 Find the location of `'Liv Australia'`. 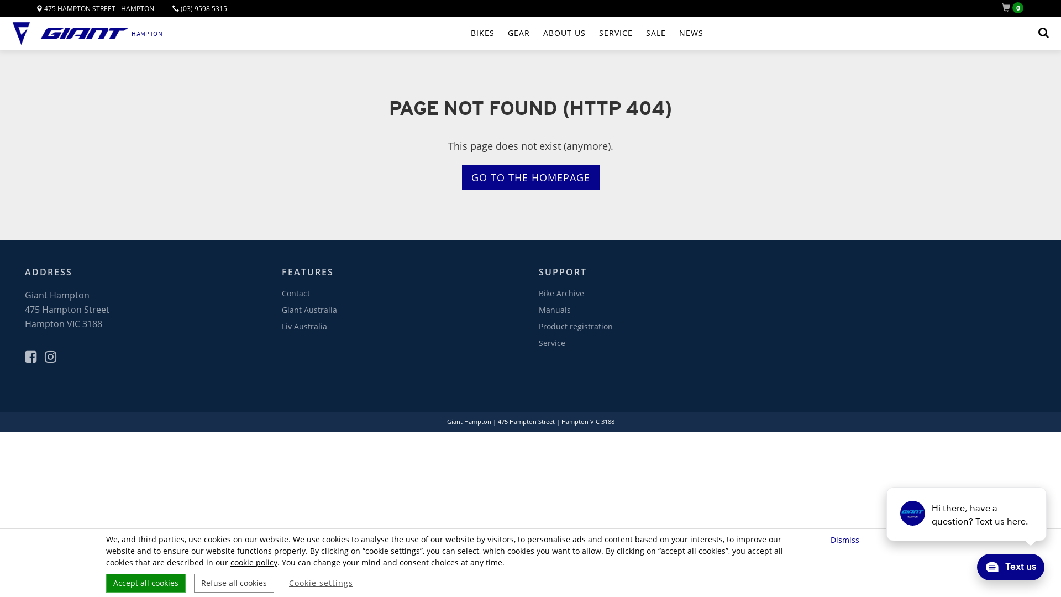

'Liv Australia' is located at coordinates (281, 326).